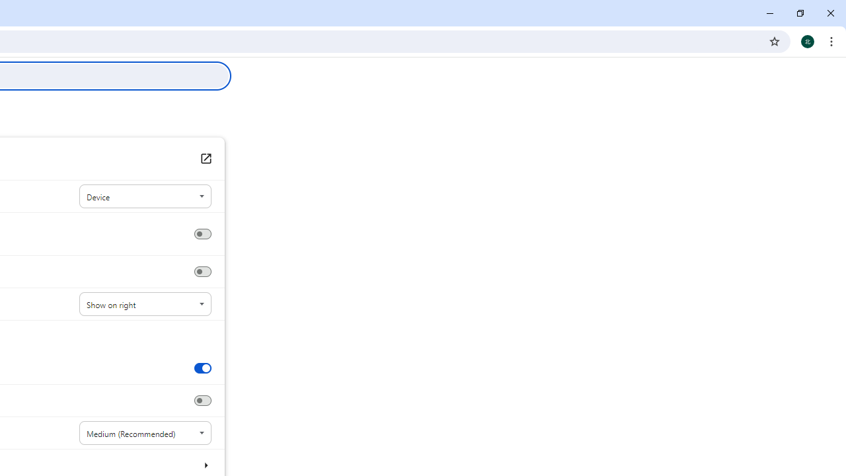 The image size is (846, 476). What do you see at coordinates (145, 304) in the screenshot?
I see `'Side panel position'` at bounding box center [145, 304].